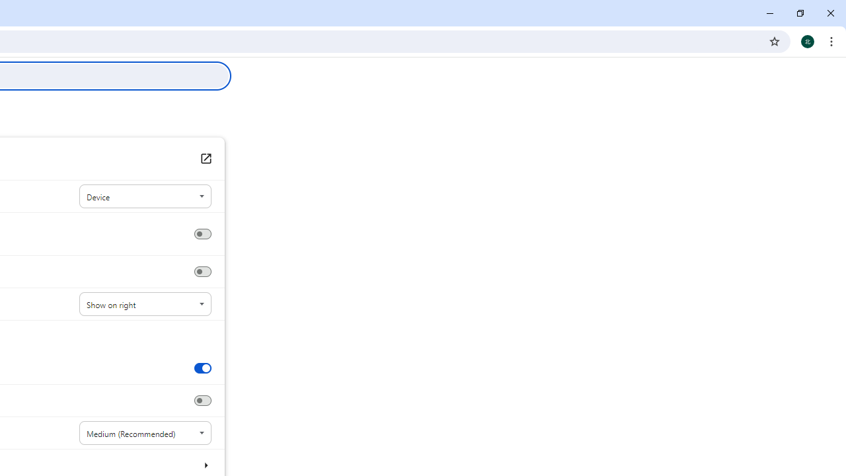 The image size is (846, 476). What do you see at coordinates (145, 304) in the screenshot?
I see `'Side panel position'` at bounding box center [145, 304].